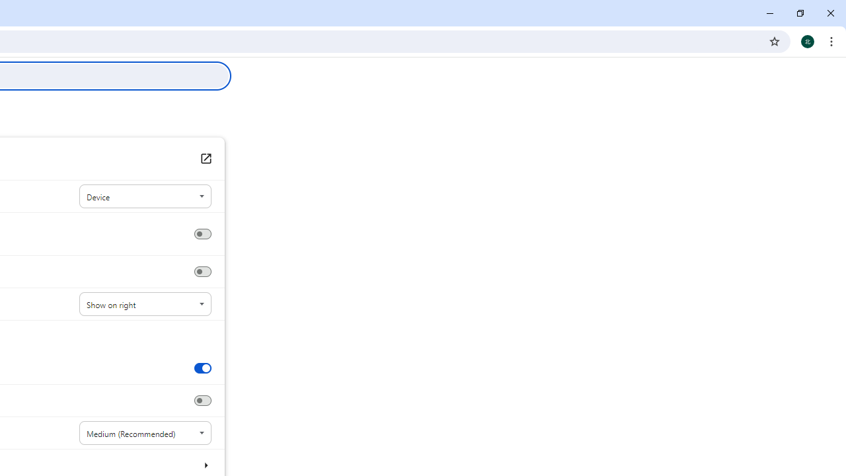 The image size is (846, 476). What do you see at coordinates (145, 304) in the screenshot?
I see `'Side panel position'` at bounding box center [145, 304].